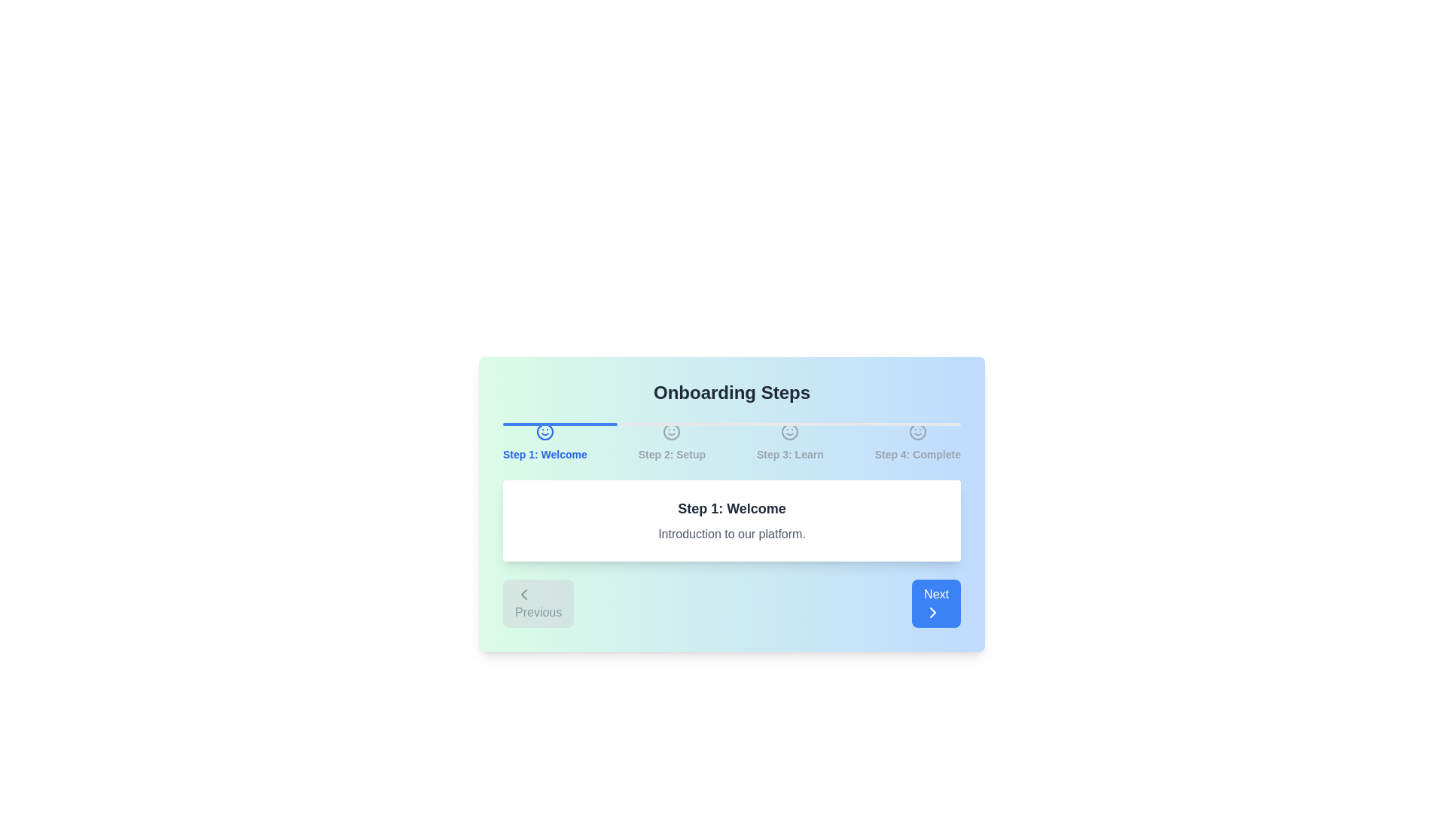 This screenshot has height=813, width=1446. I want to click on the text label displaying 'Step 2: Setup', which is bold and smaller-sized, located below the second onboarding icon in the sequence, so click(671, 454).